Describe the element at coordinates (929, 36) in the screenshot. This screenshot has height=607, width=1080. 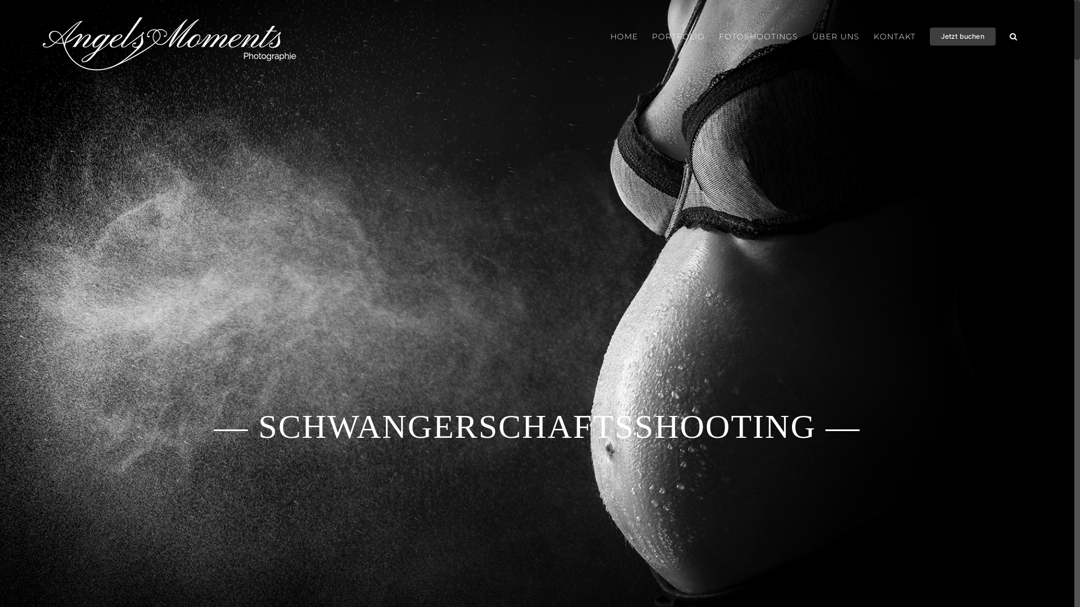
I see `'Jetzt buchen'` at that location.